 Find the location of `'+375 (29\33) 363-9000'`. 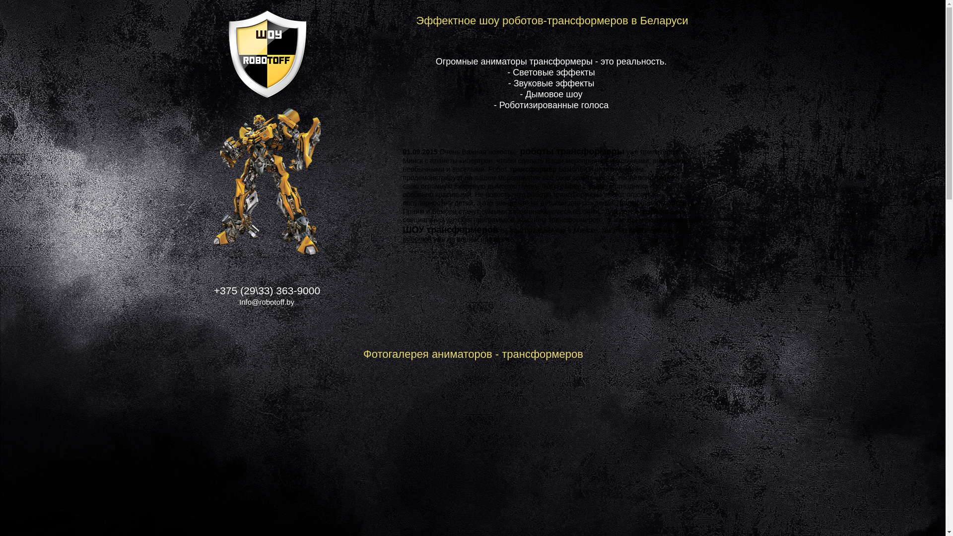

'+375 (29\33) 363-9000' is located at coordinates (267, 290).